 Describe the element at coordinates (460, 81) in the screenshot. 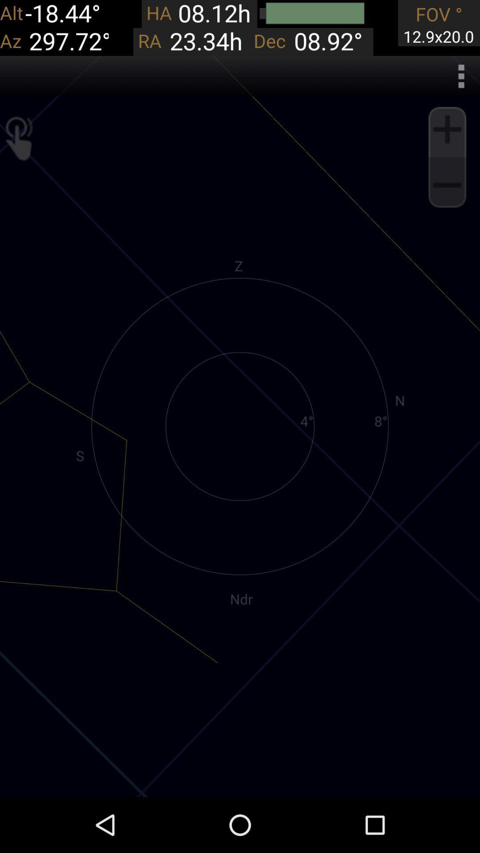

I see `the more icon` at that location.